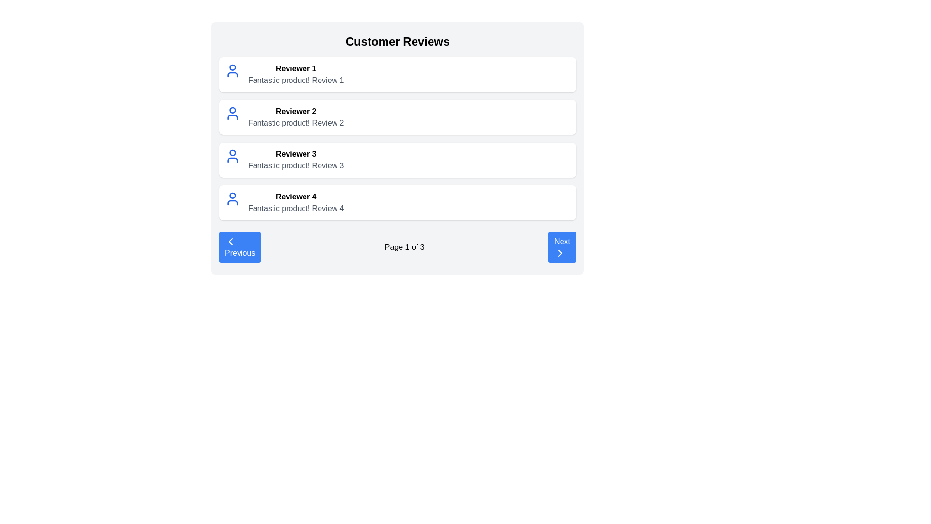 The image size is (931, 524). Describe the element at coordinates (233, 155) in the screenshot. I see `the icon representing 'Reviewer 3' located in the review block, positioned to the left of the text 'Reviewer 3 Fantastic product! Review 3'` at that location.